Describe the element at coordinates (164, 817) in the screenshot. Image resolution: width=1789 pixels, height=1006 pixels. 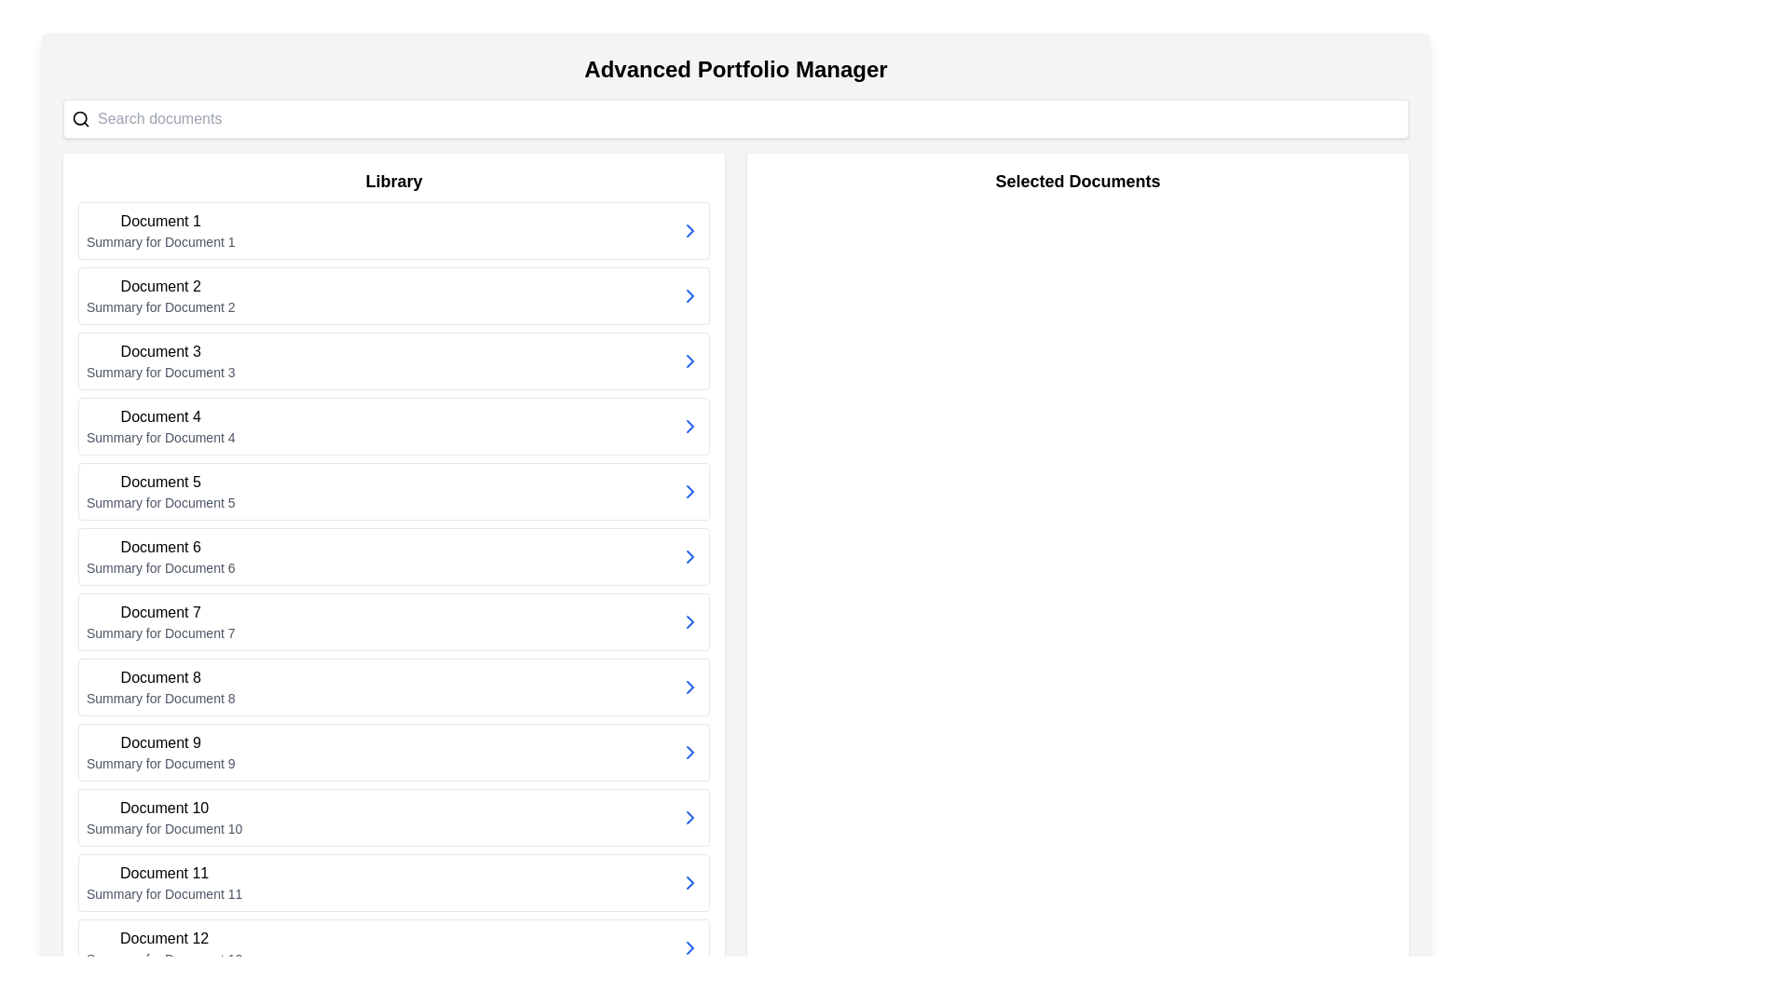
I see `the 10th list item under the 'Library' header that provides information about a document, including its name and a brief summary to show options` at that location.